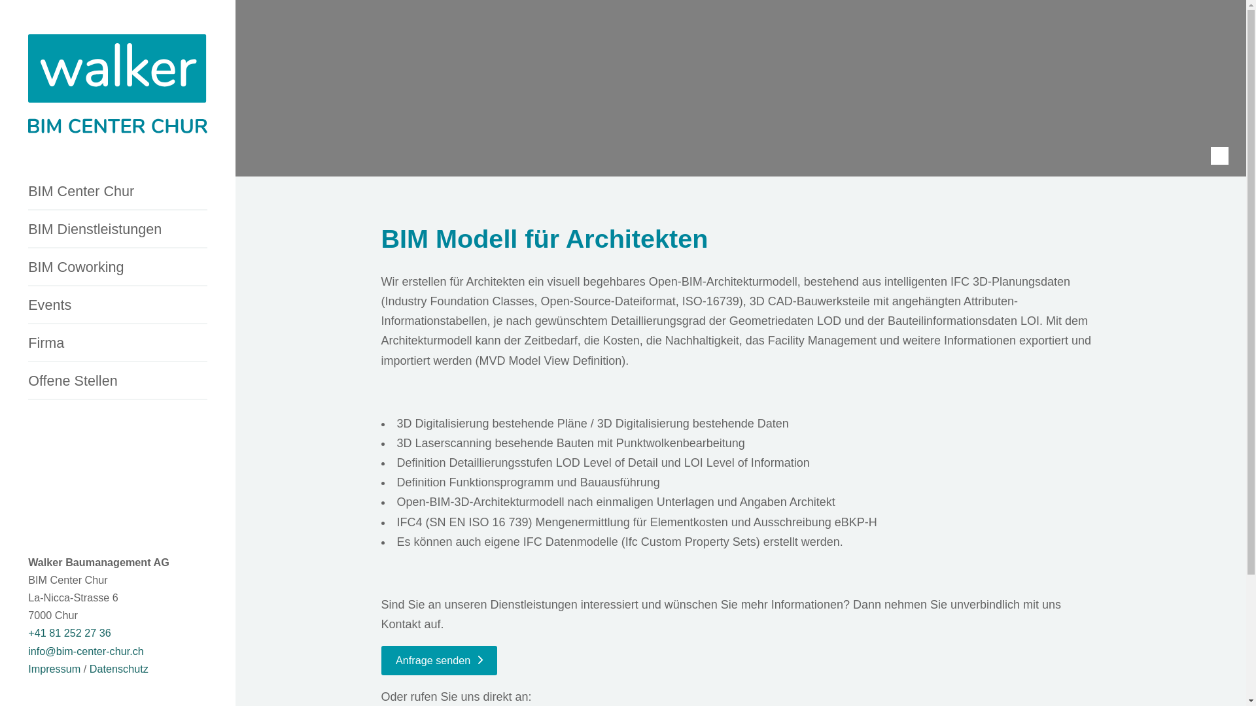 Image resolution: width=1256 pixels, height=706 pixels. I want to click on 'Offene Stellen', so click(118, 381).